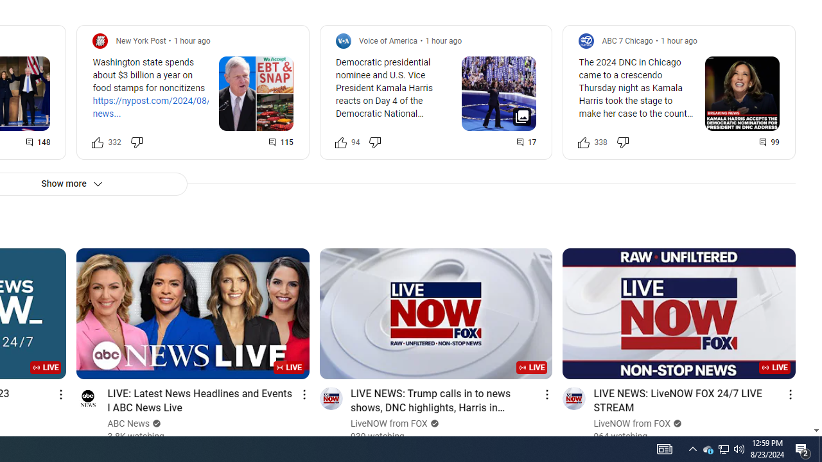 The image size is (822, 462). Describe the element at coordinates (340, 142) in the screenshot. I see `'Like this post along with 94 other people'` at that location.